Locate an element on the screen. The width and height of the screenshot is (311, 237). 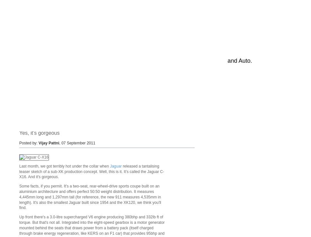
'Last month, we got terribly hot under the collar when' is located at coordinates (64, 165).